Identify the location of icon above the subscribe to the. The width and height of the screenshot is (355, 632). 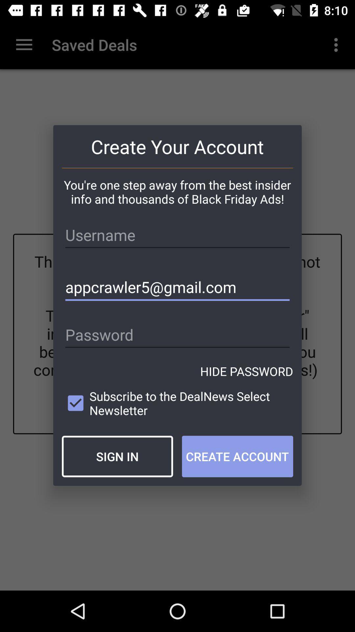
(247, 371).